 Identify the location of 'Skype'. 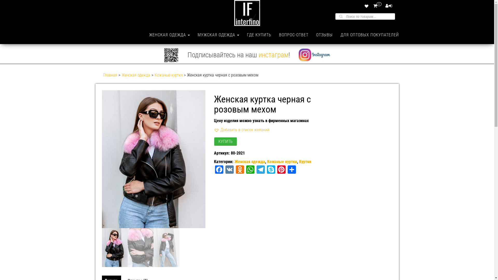
(271, 170).